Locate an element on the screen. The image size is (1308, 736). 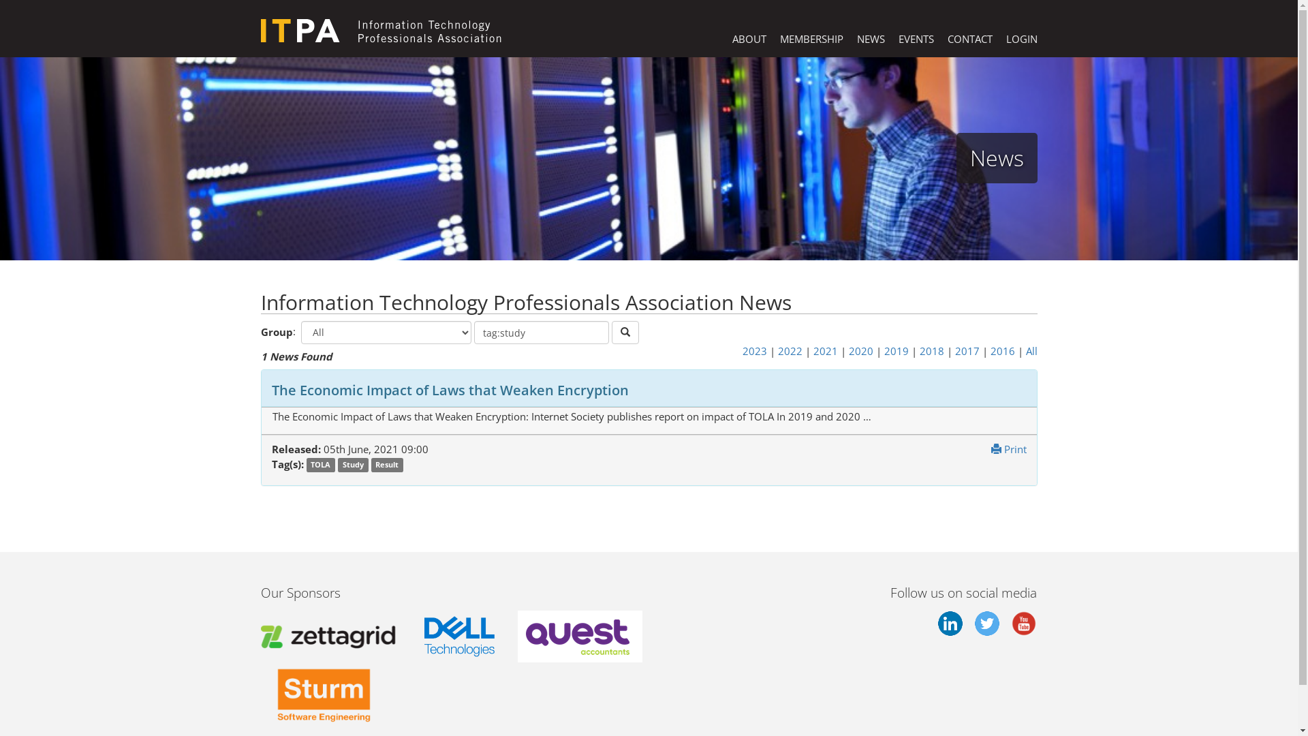
'Dell Technologies' is located at coordinates (458, 635).